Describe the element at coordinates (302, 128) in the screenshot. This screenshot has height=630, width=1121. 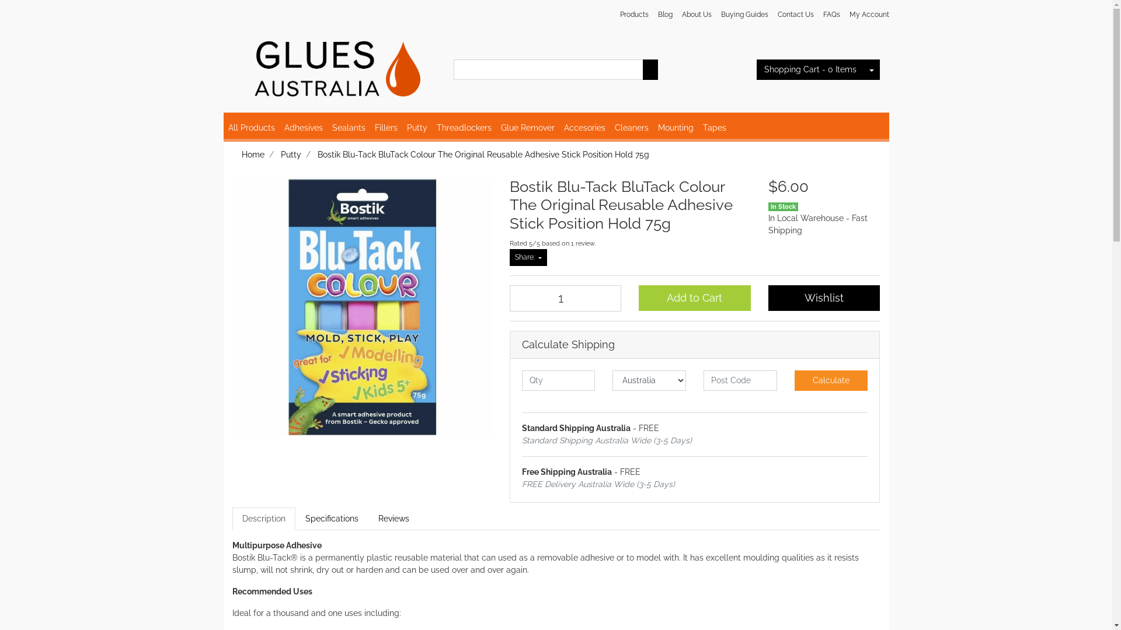
I see `'Adhesives'` at that location.